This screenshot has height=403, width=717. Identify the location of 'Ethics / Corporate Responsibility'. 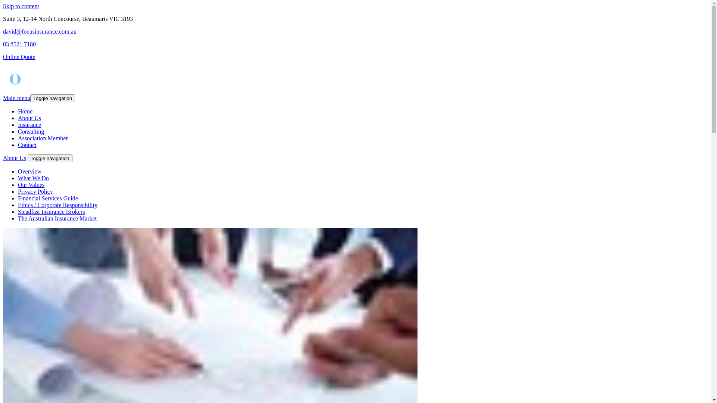
(57, 205).